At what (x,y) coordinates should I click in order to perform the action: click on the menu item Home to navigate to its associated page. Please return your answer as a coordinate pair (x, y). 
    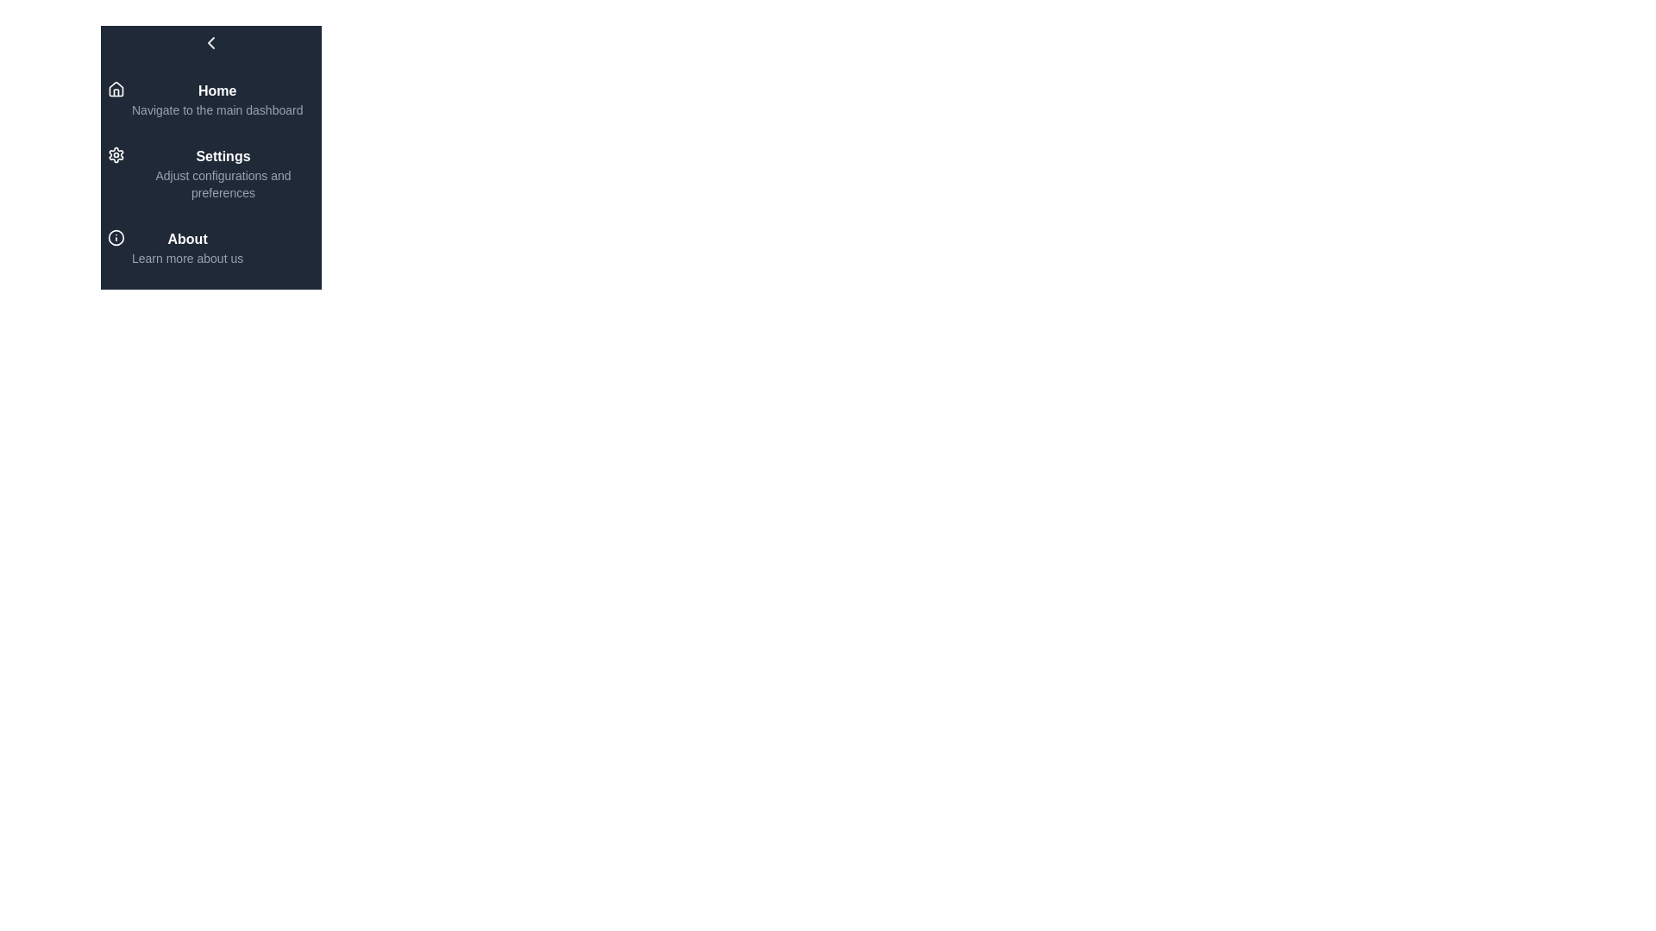
    Looking at the image, I should click on (210, 99).